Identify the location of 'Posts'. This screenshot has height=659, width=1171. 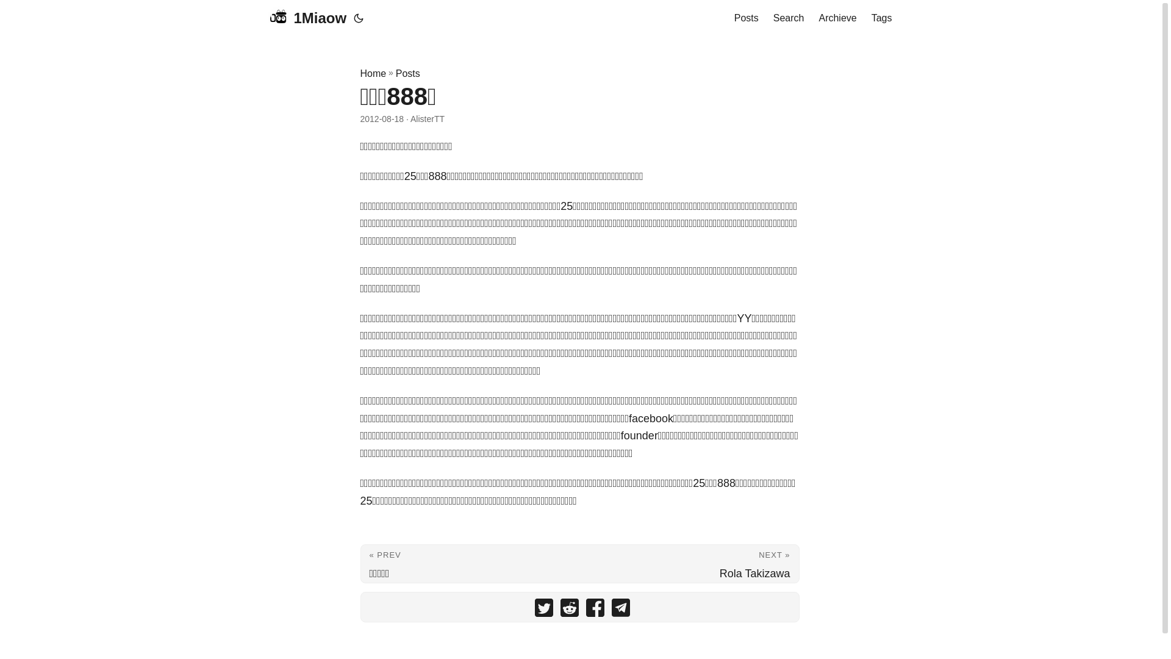
(395, 73).